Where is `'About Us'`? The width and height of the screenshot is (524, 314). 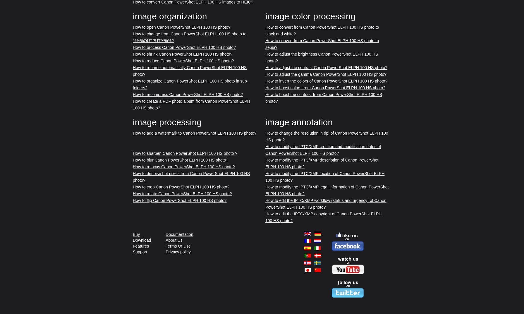 'About Us' is located at coordinates (174, 240).